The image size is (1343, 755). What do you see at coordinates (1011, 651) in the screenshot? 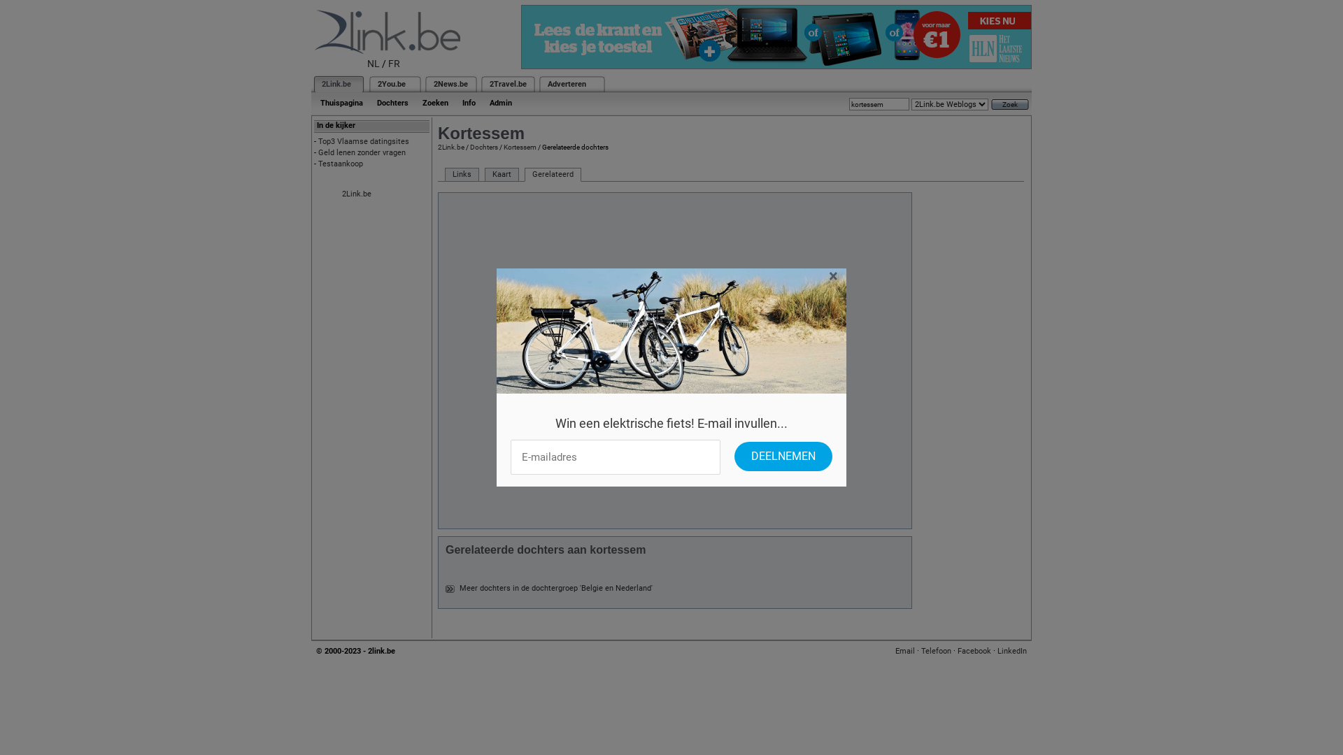
I see `'LinkedIn'` at bounding box center [1011, 651].